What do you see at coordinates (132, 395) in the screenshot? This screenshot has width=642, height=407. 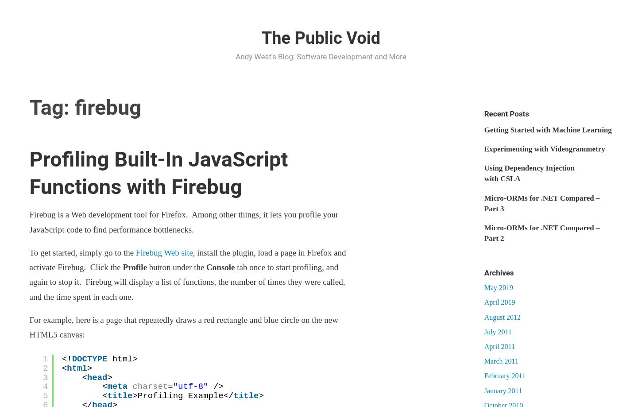 I see `'>Profiling Example</'` at bounding box center [132, 395].